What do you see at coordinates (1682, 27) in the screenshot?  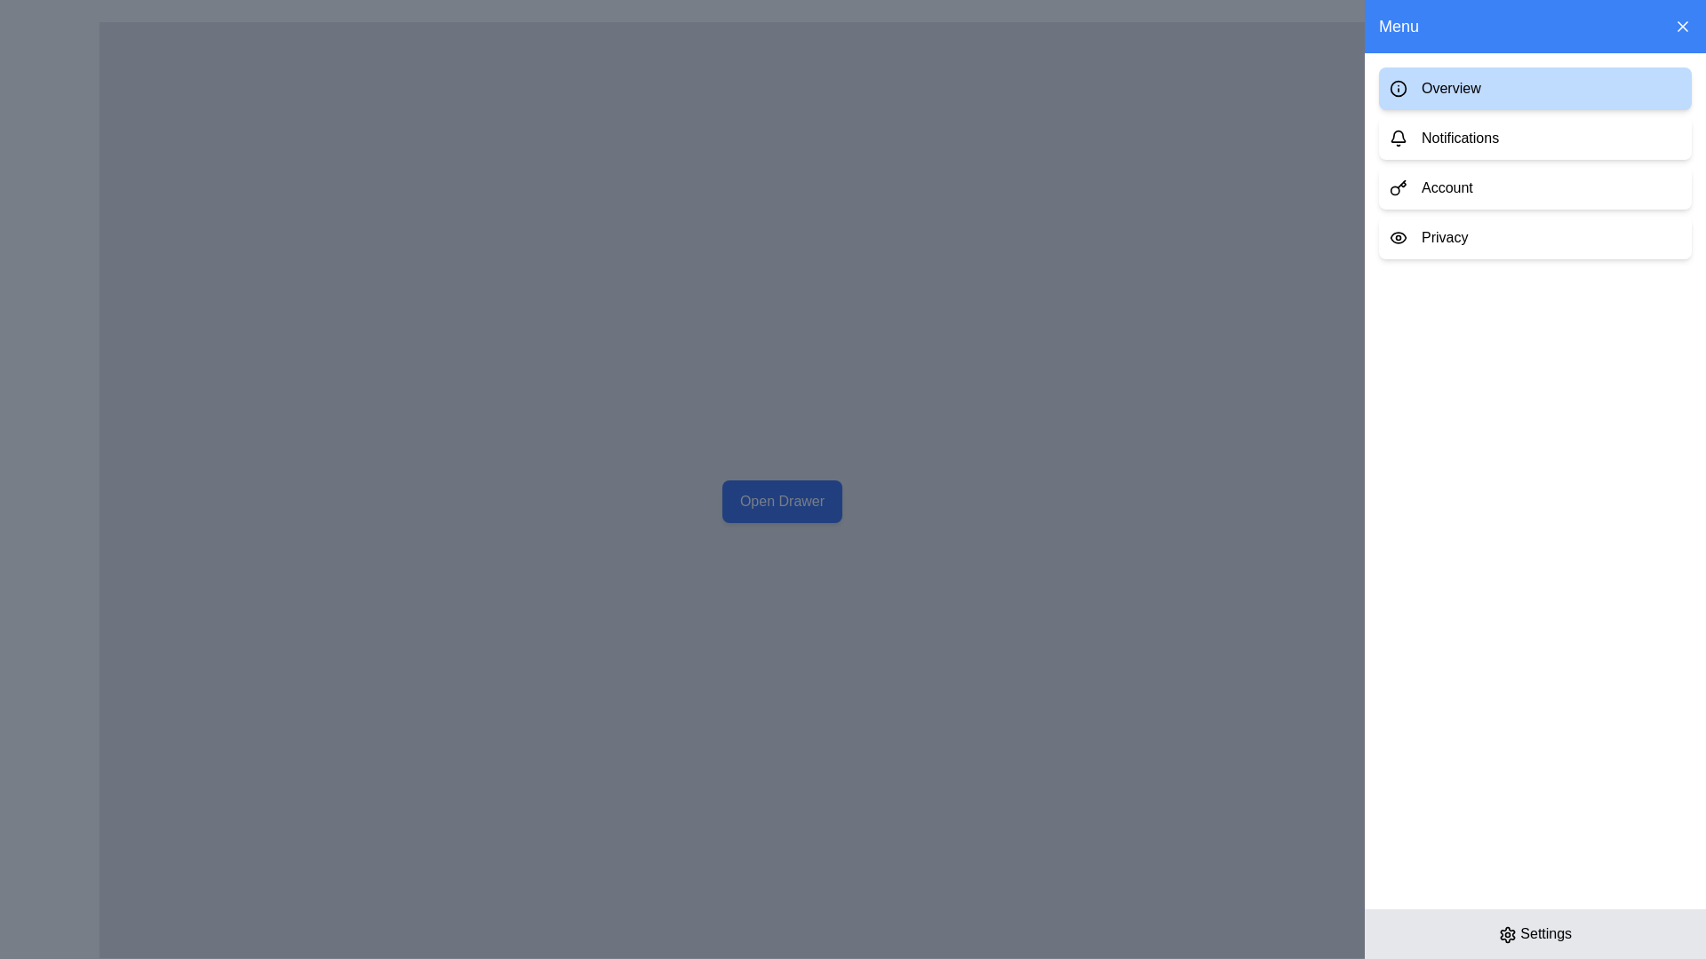 I see `the small square button with a white cross icon located on the top right corner of the blue menu bar labeled 'Menu' to change its styling` at bounding box center [1682, 27].